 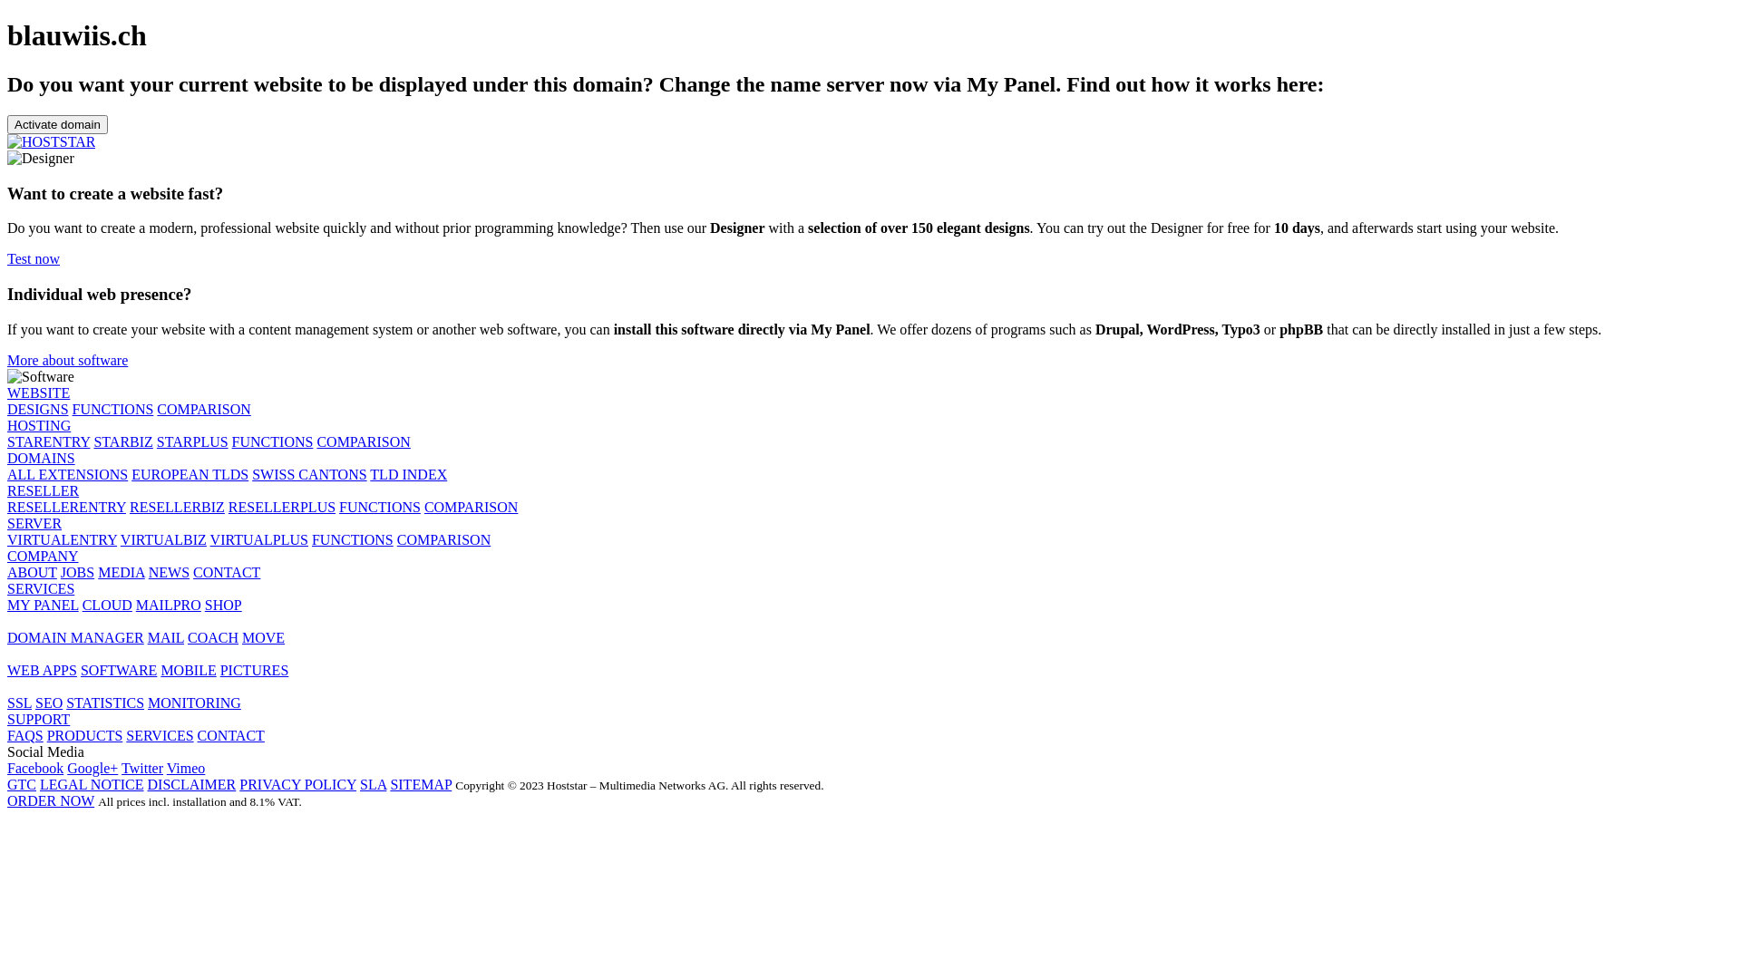 What do you see at coordinates (281, 507) in the screenshot?
I see `'RESELLERPLUS'` at bounding box center [281, 507].